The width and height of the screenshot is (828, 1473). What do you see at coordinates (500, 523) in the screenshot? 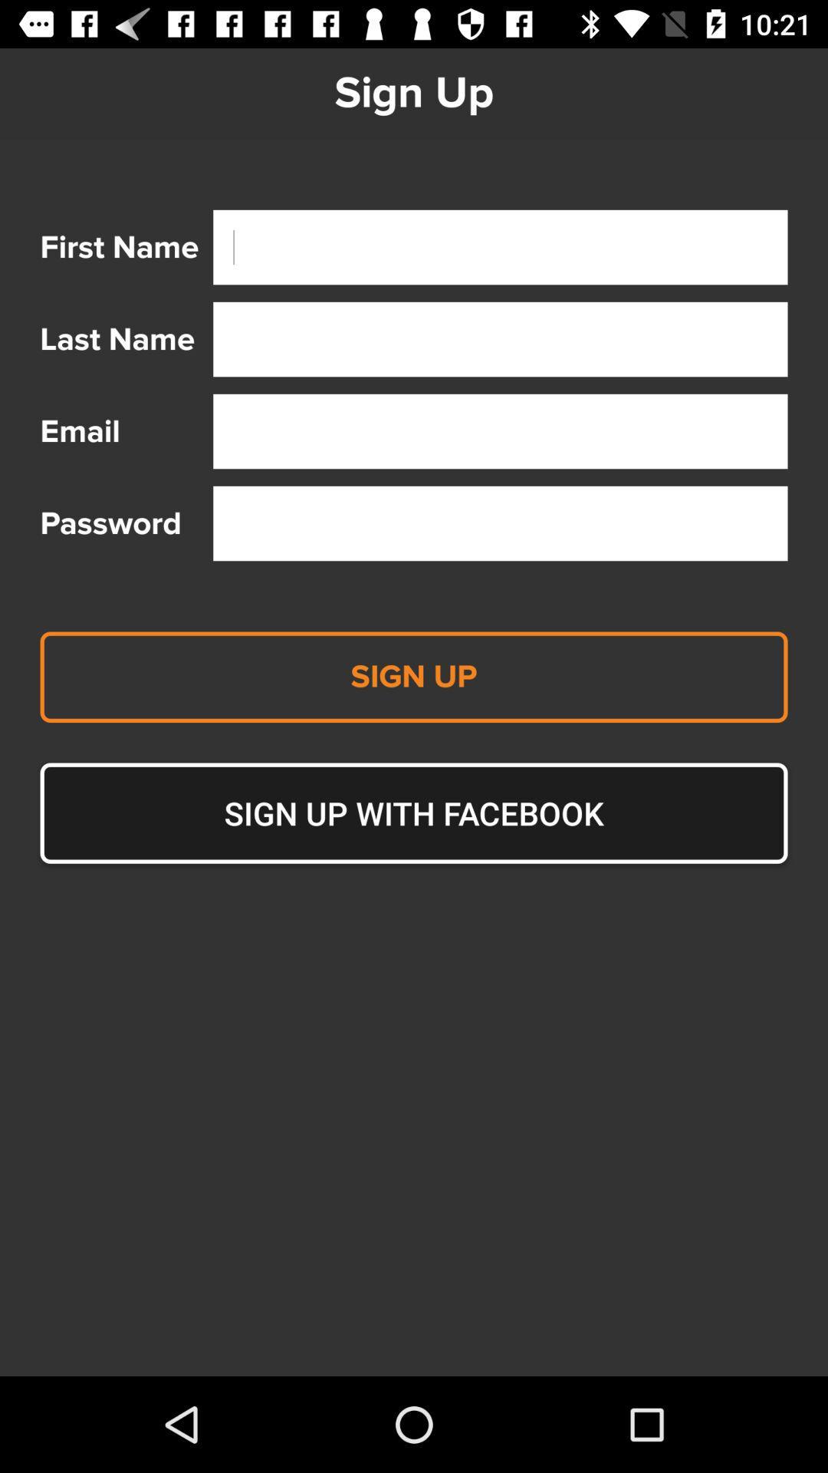
I see `icon next to the password icon` at bounding box center [500, 523].